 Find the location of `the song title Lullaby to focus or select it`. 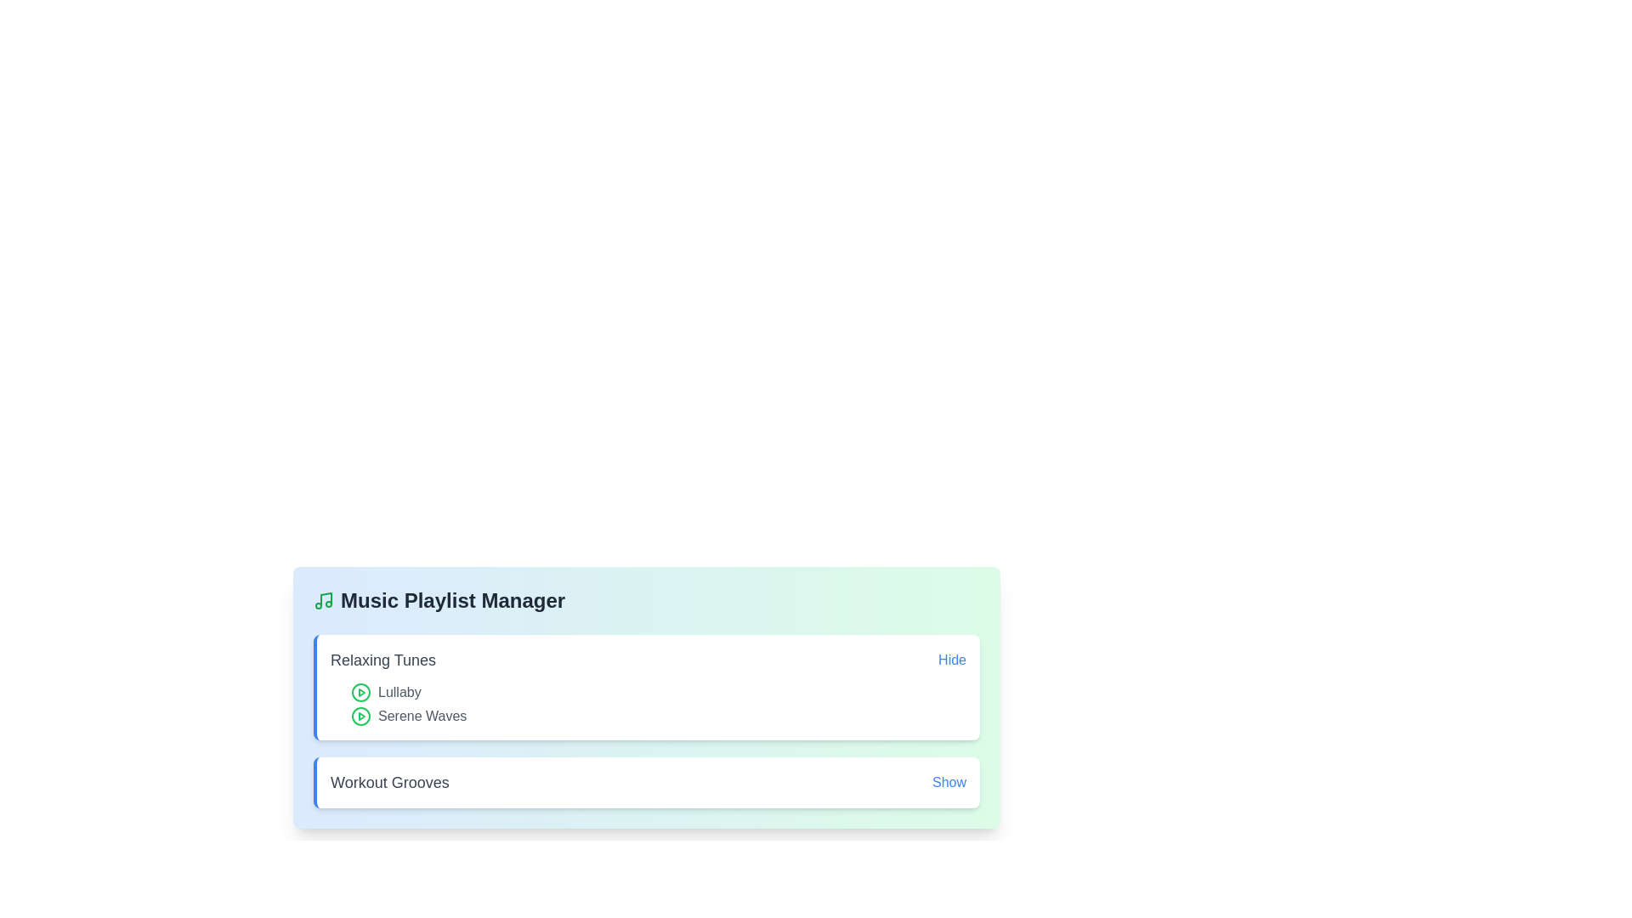

the song title Lullaby to focus or select it is located at coordinates (360, 692).